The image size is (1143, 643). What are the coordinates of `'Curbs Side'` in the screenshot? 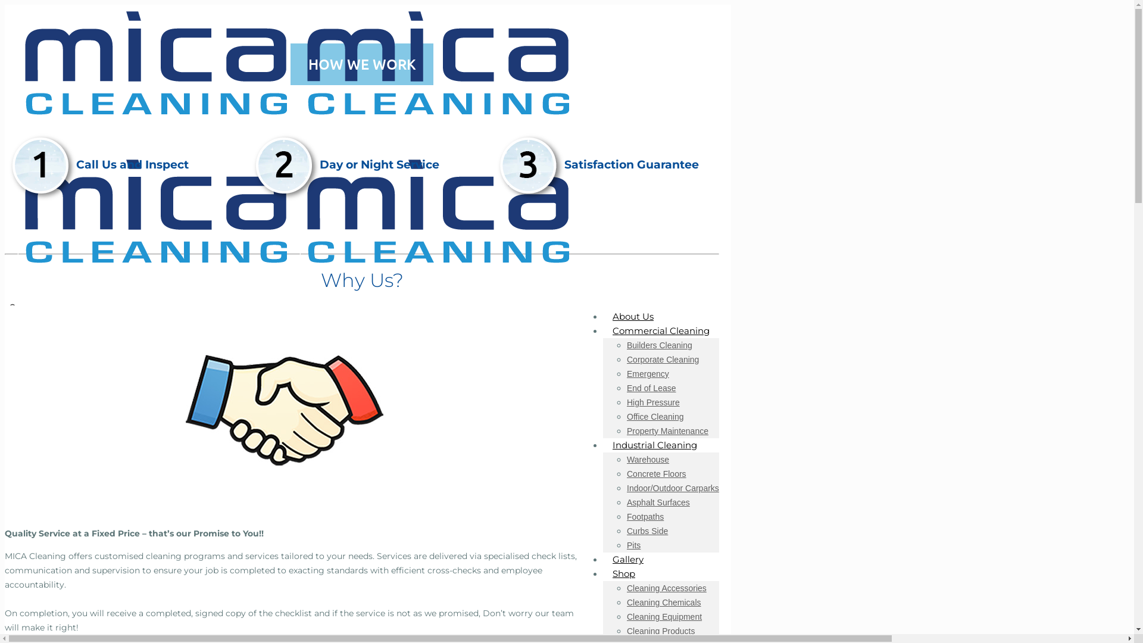 It's located at (647, 530).